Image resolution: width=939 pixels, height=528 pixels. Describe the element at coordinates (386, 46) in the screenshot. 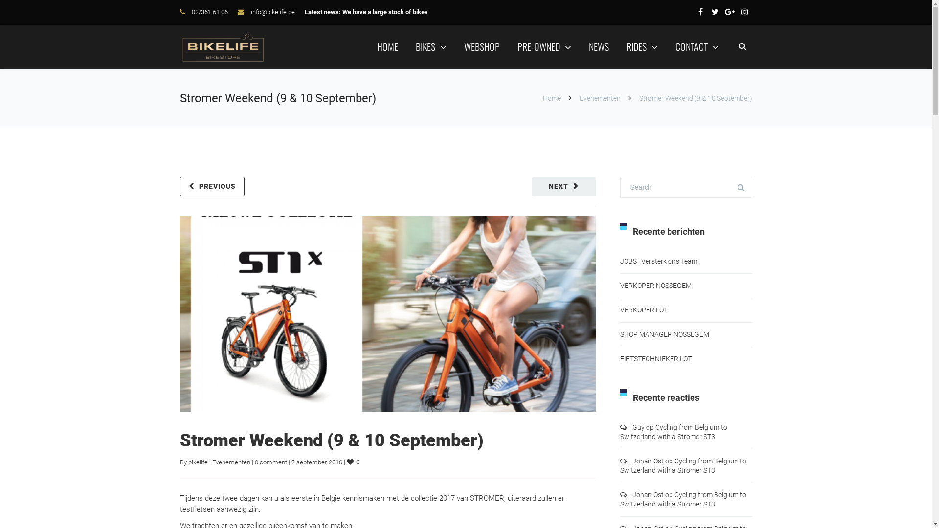

I see `'HOME'` at that location.